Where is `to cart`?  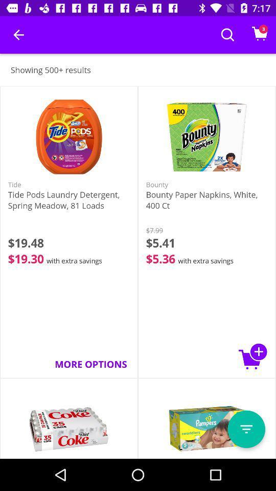
to cart is located at coordinates (252, 356).